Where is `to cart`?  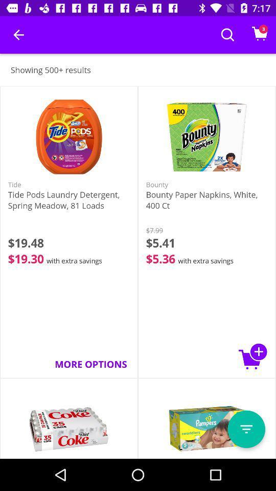
to cart is located at coordinates (252, 356).